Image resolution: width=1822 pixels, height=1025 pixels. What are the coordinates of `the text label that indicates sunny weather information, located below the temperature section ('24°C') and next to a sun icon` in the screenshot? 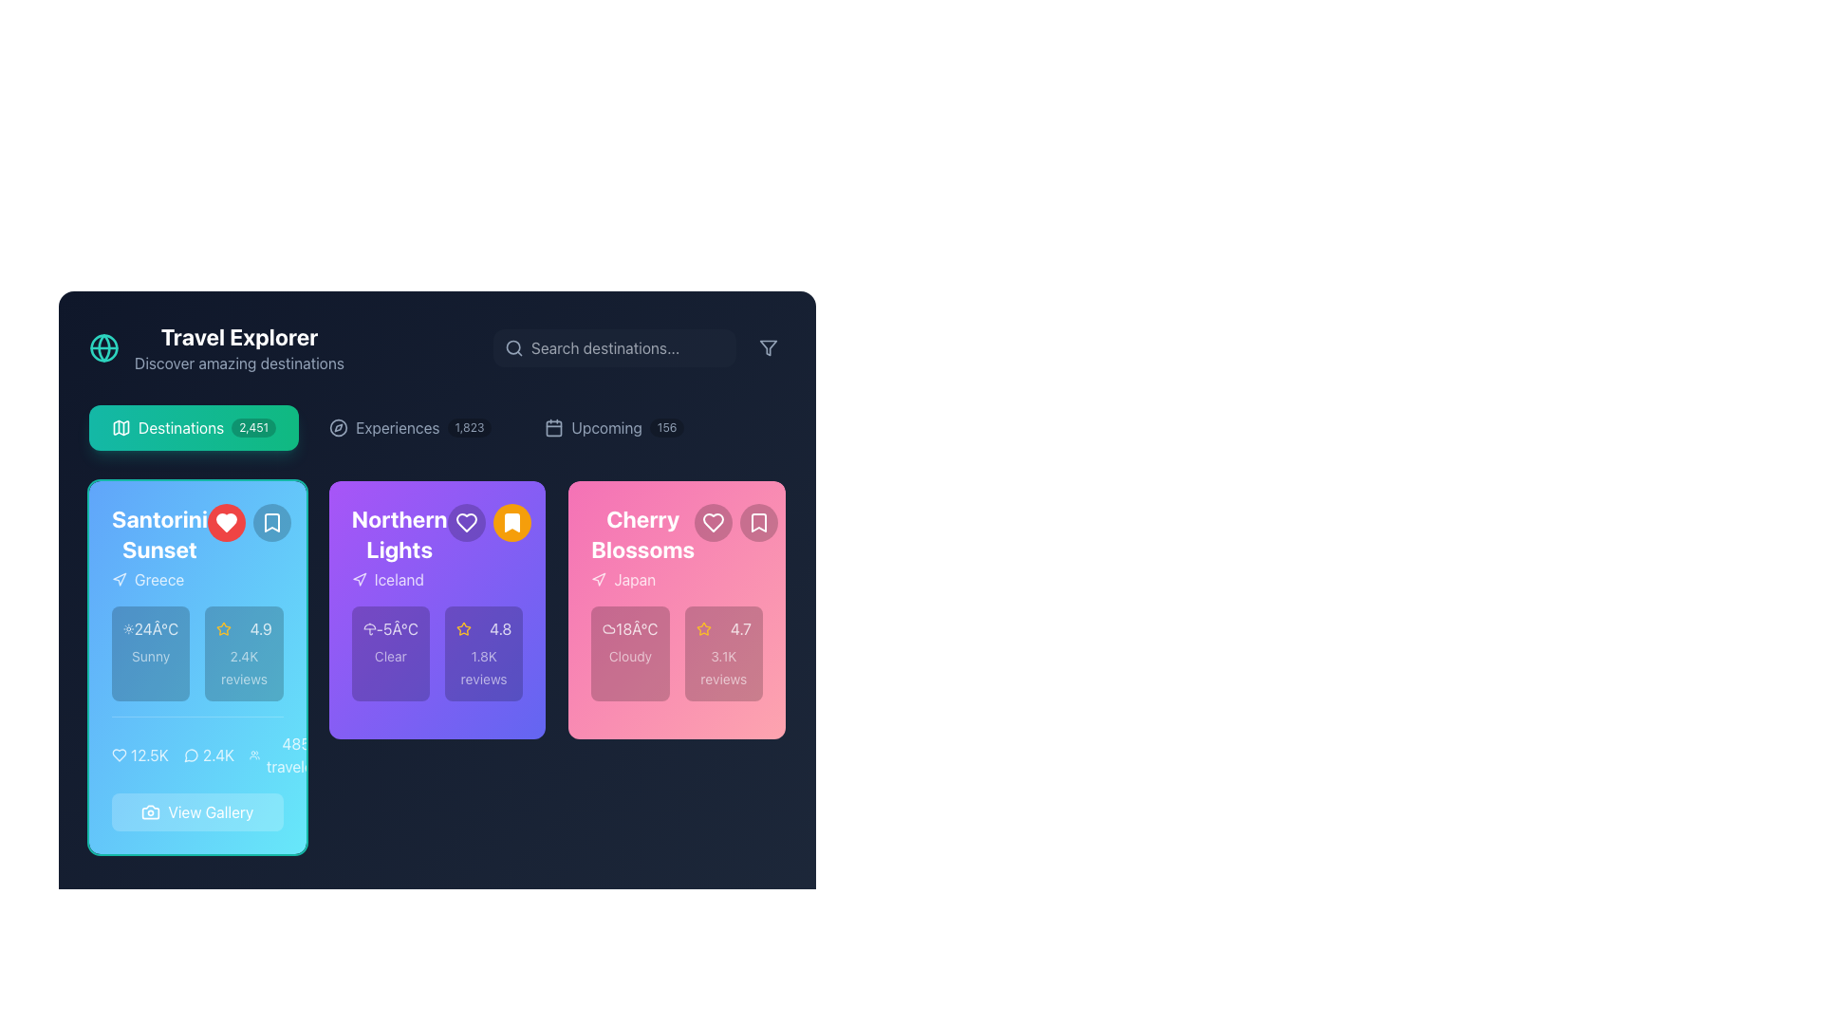 It's located at (150, 655).